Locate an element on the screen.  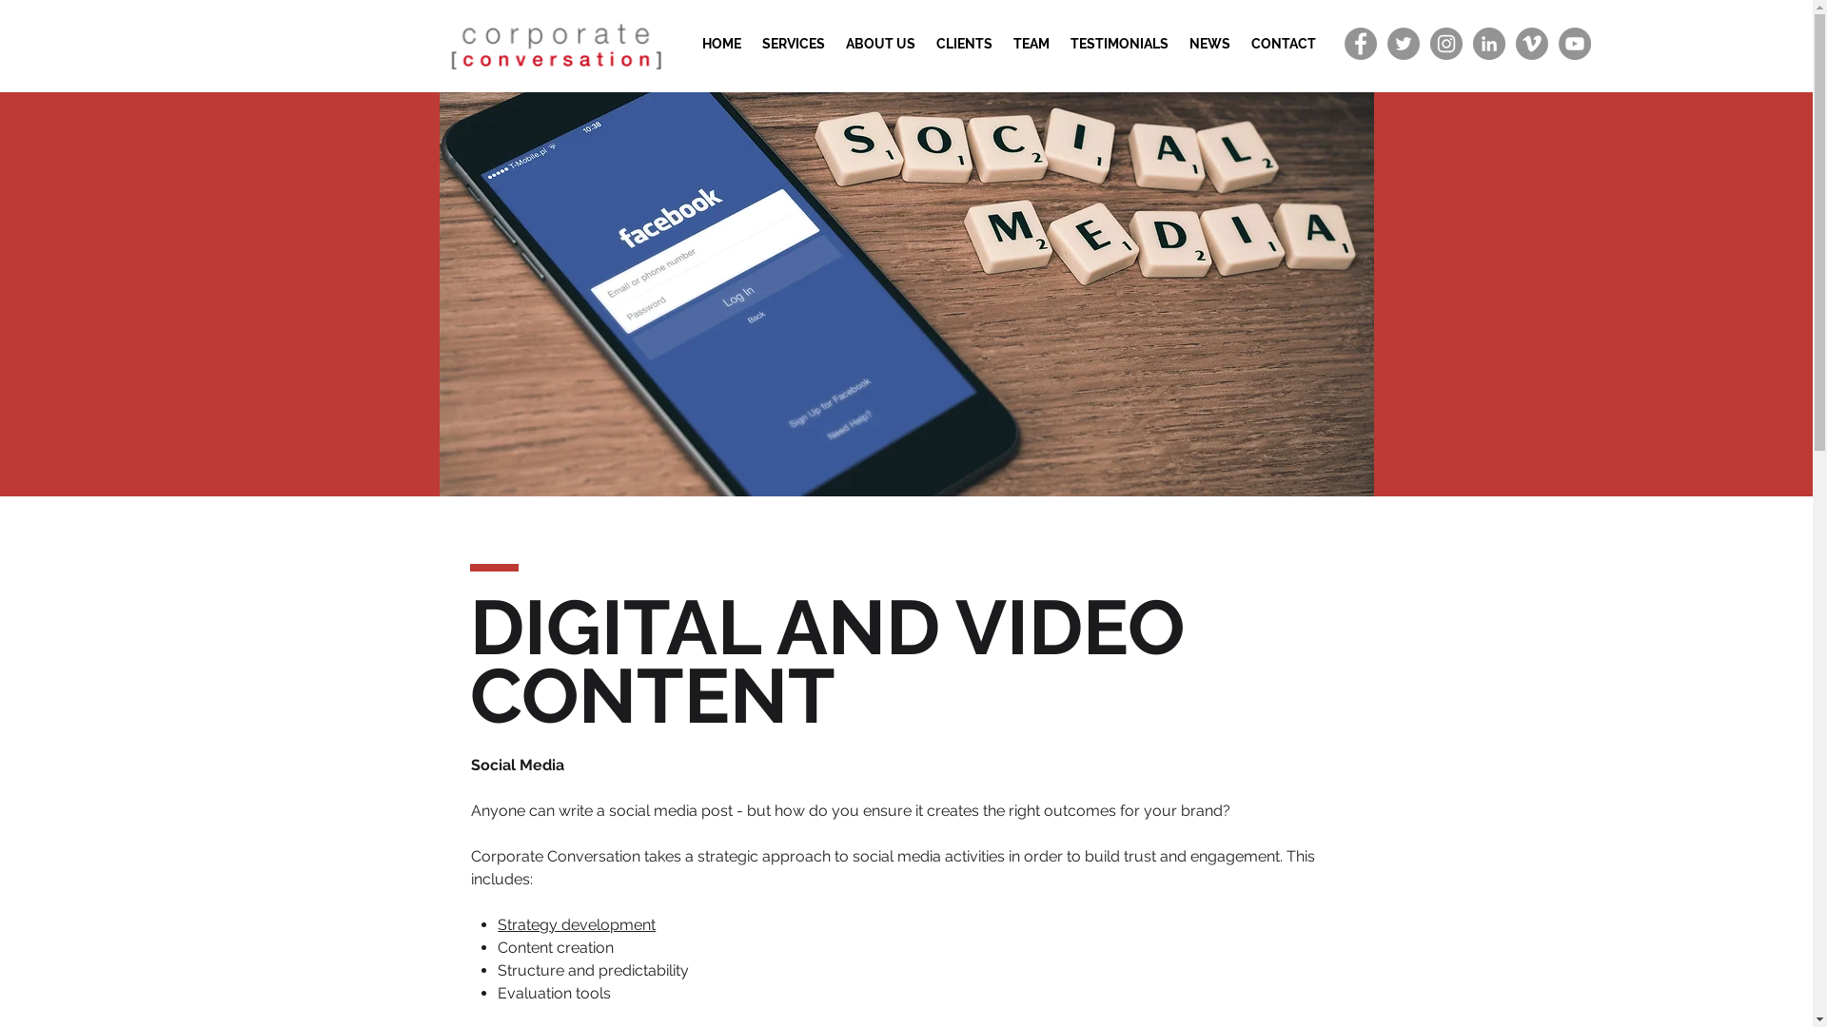
'CLIENTS' is located at coordinates (963, 43).